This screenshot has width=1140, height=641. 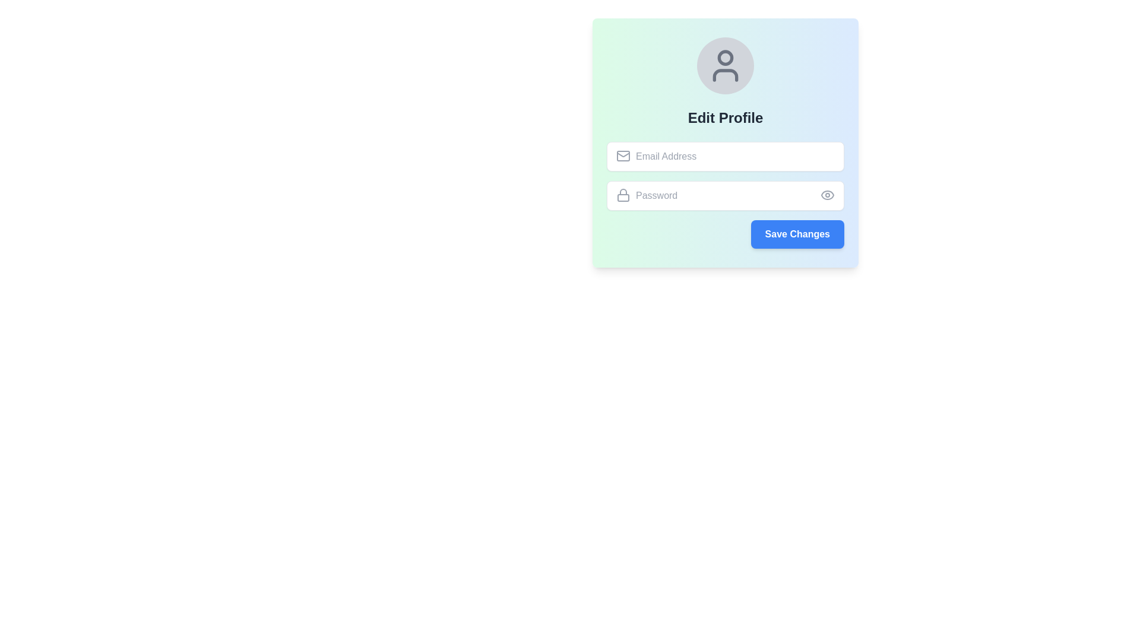 I want to click on the 'Save Changes' button, which has a blue background and white bold text, located at the bottom right of the profile editing interface, so click(x=797, y=234).